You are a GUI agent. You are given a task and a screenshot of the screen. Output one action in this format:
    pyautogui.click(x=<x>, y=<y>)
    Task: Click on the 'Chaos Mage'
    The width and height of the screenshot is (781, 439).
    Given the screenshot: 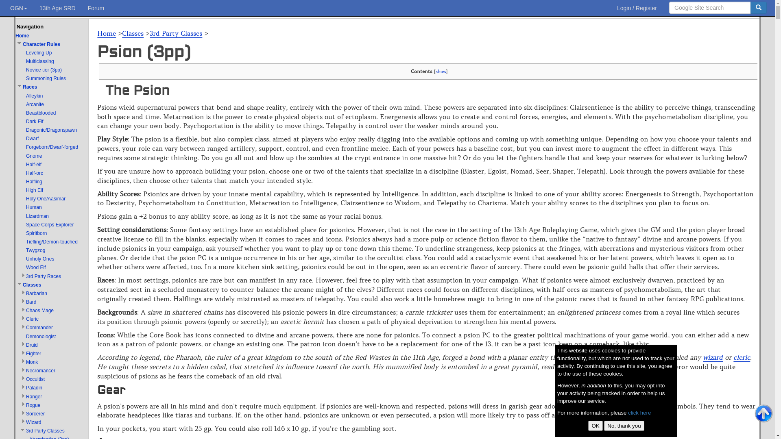 What is the action you would take?
    pyautogui.click(x=39, y=310)
    